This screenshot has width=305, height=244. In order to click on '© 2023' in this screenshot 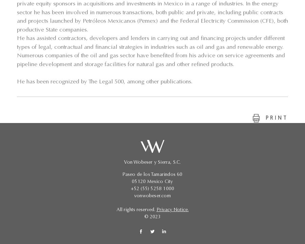, I will do `click(152, 217)`.